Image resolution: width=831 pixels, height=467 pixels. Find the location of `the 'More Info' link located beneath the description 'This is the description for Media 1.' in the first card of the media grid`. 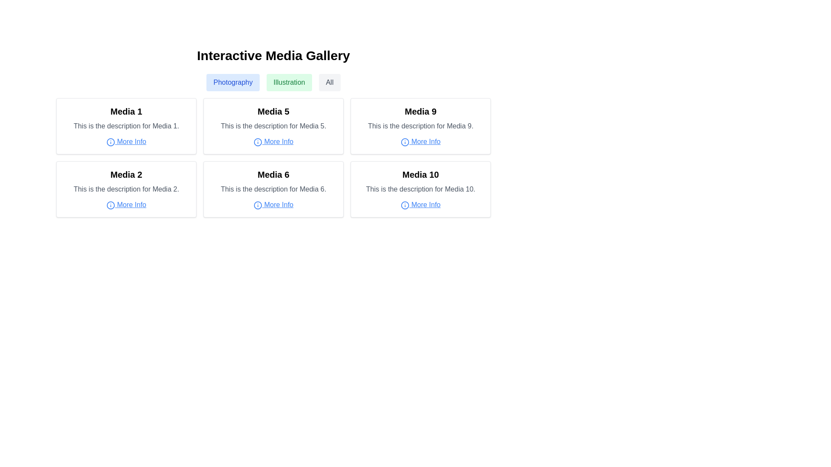

the 'More Info' link located beneath the description 'This is the description for Media 1.' in the first card of the media grid is located at coordinates (110, 141).